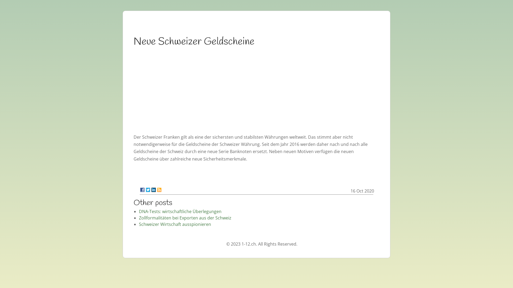  I want to click on 'Schweizer Wirtschaft ausspionieren', so click(175, 224).